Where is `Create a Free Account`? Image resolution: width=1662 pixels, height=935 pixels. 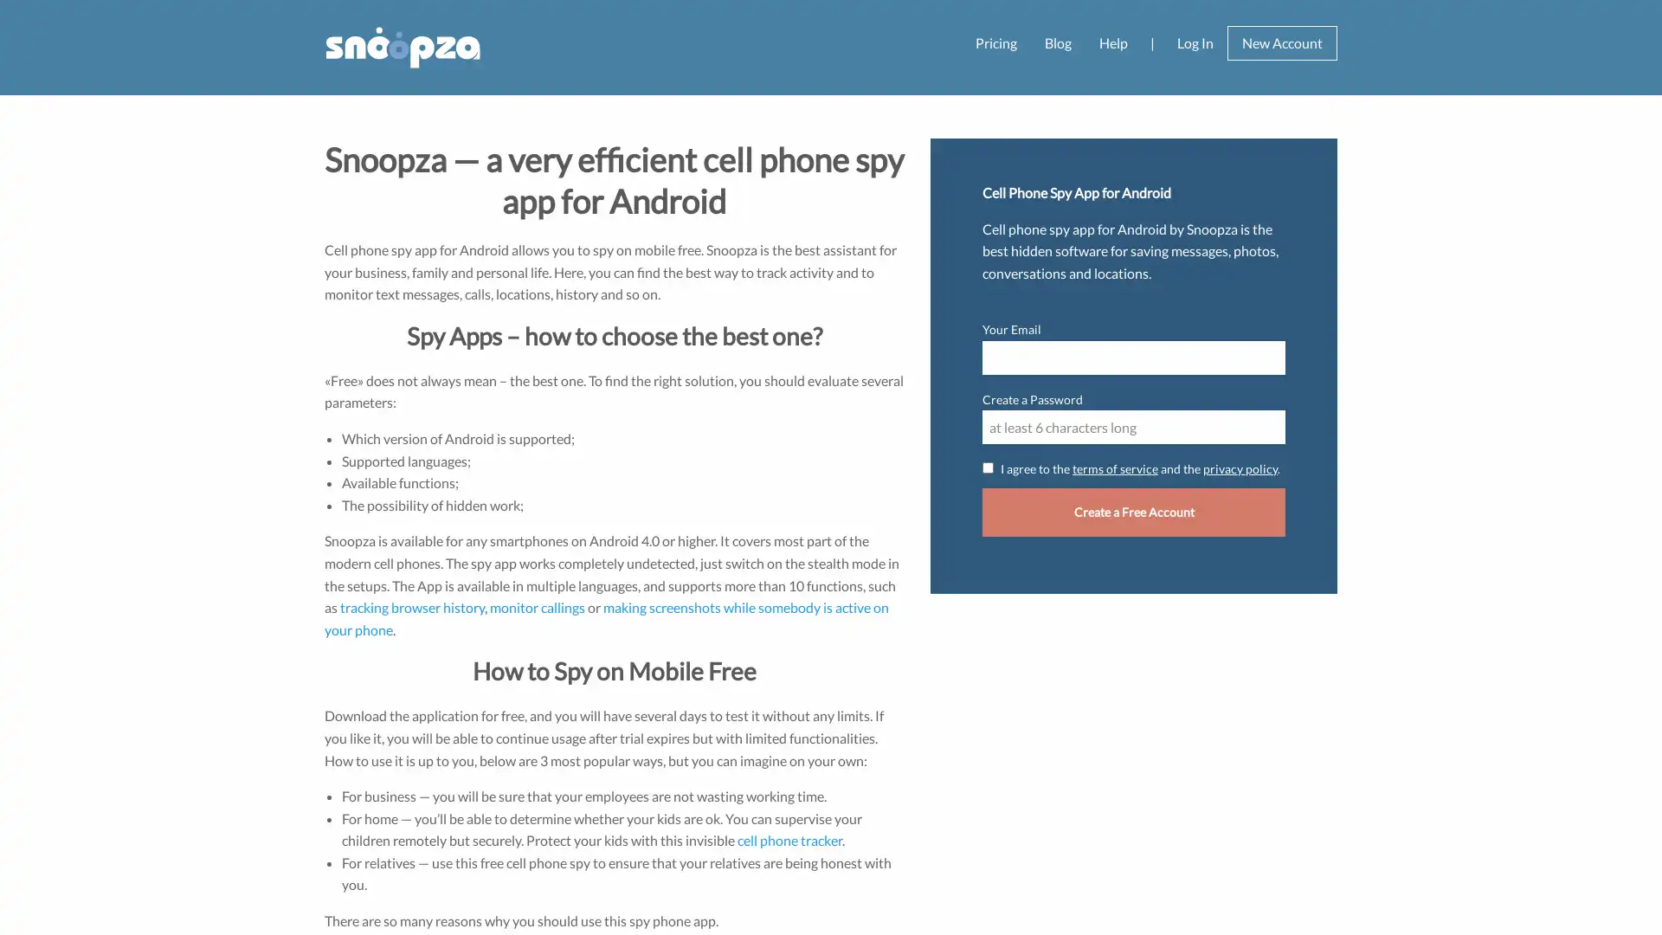
Create a Free Account is located at coordinates (1134, 511).